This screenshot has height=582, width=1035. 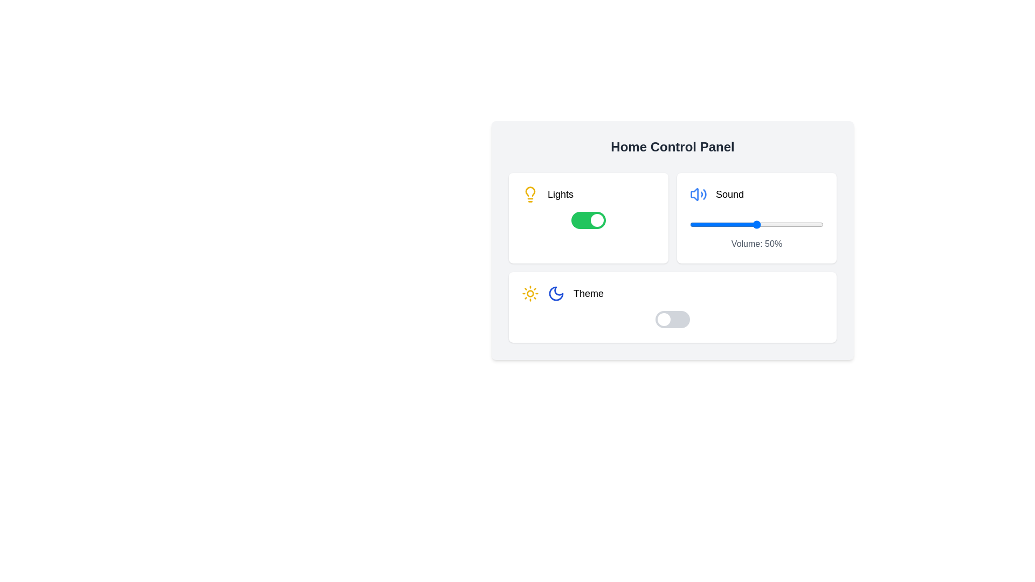 What do you see at coordinates (756, 244) in the screenshot?
I see `the static text label displaying 'Volume: 50%' located at the bottom of the 'Sound' section in the right column of the main panel` at bounding box center [756, 244].